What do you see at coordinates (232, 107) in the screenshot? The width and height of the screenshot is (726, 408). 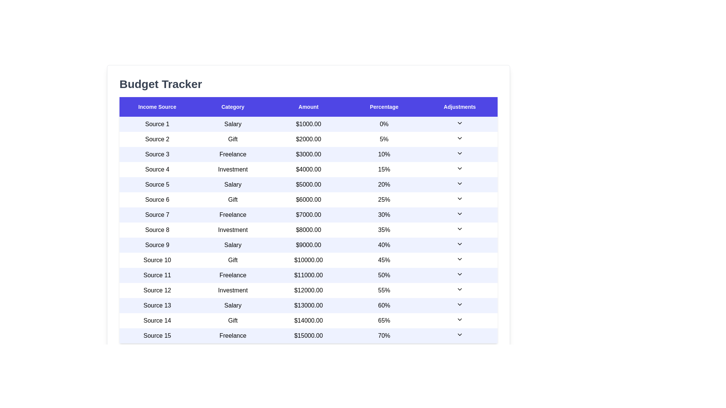 I see `the table header Category to sort the table by that column` at bounding box center [232, 107].